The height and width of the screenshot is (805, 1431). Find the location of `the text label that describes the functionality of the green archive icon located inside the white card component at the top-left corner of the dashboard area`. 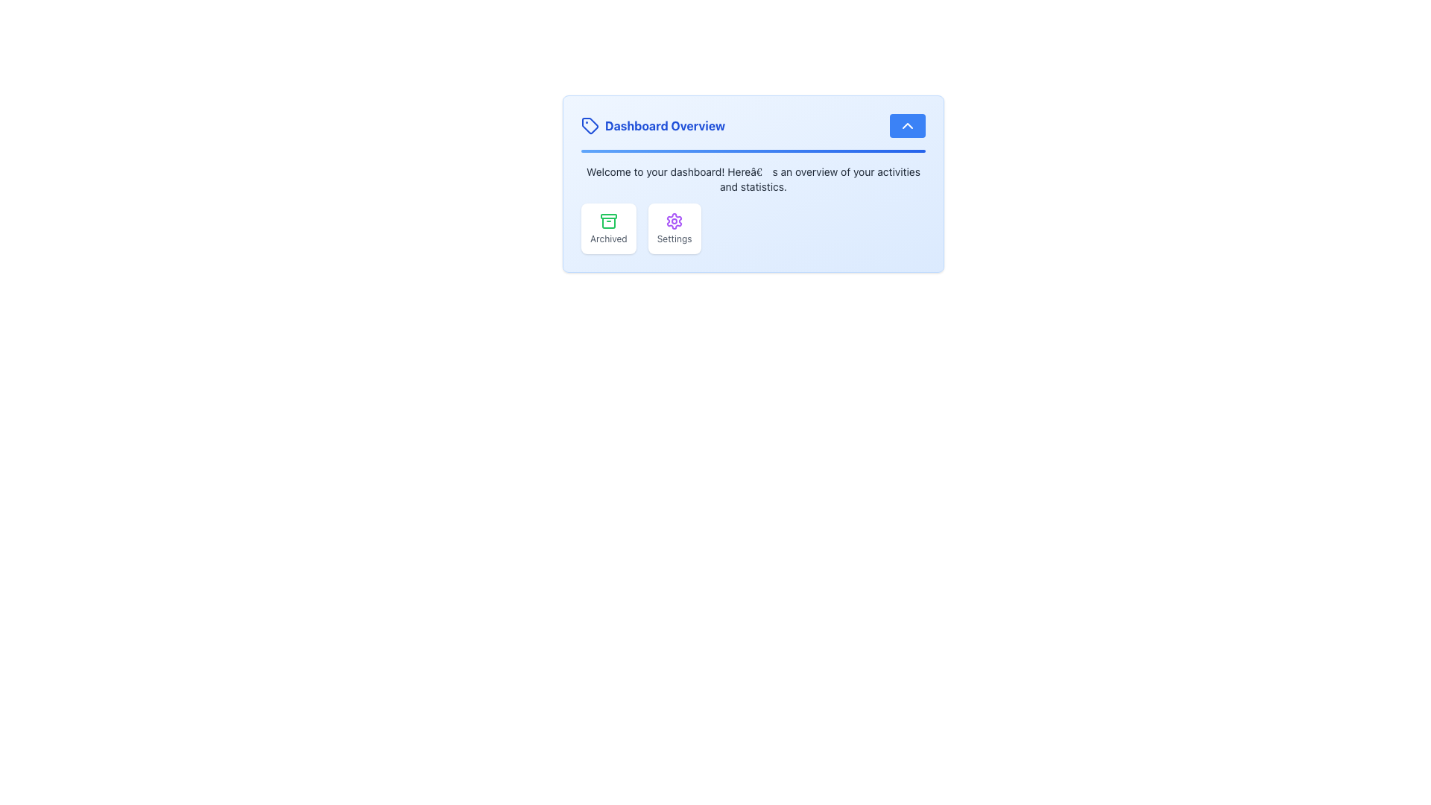

the text label that describes the functionality of the green archive icon located inside the white card component at the top-left corner of the dashboard area is located at coordinates (608, 238).